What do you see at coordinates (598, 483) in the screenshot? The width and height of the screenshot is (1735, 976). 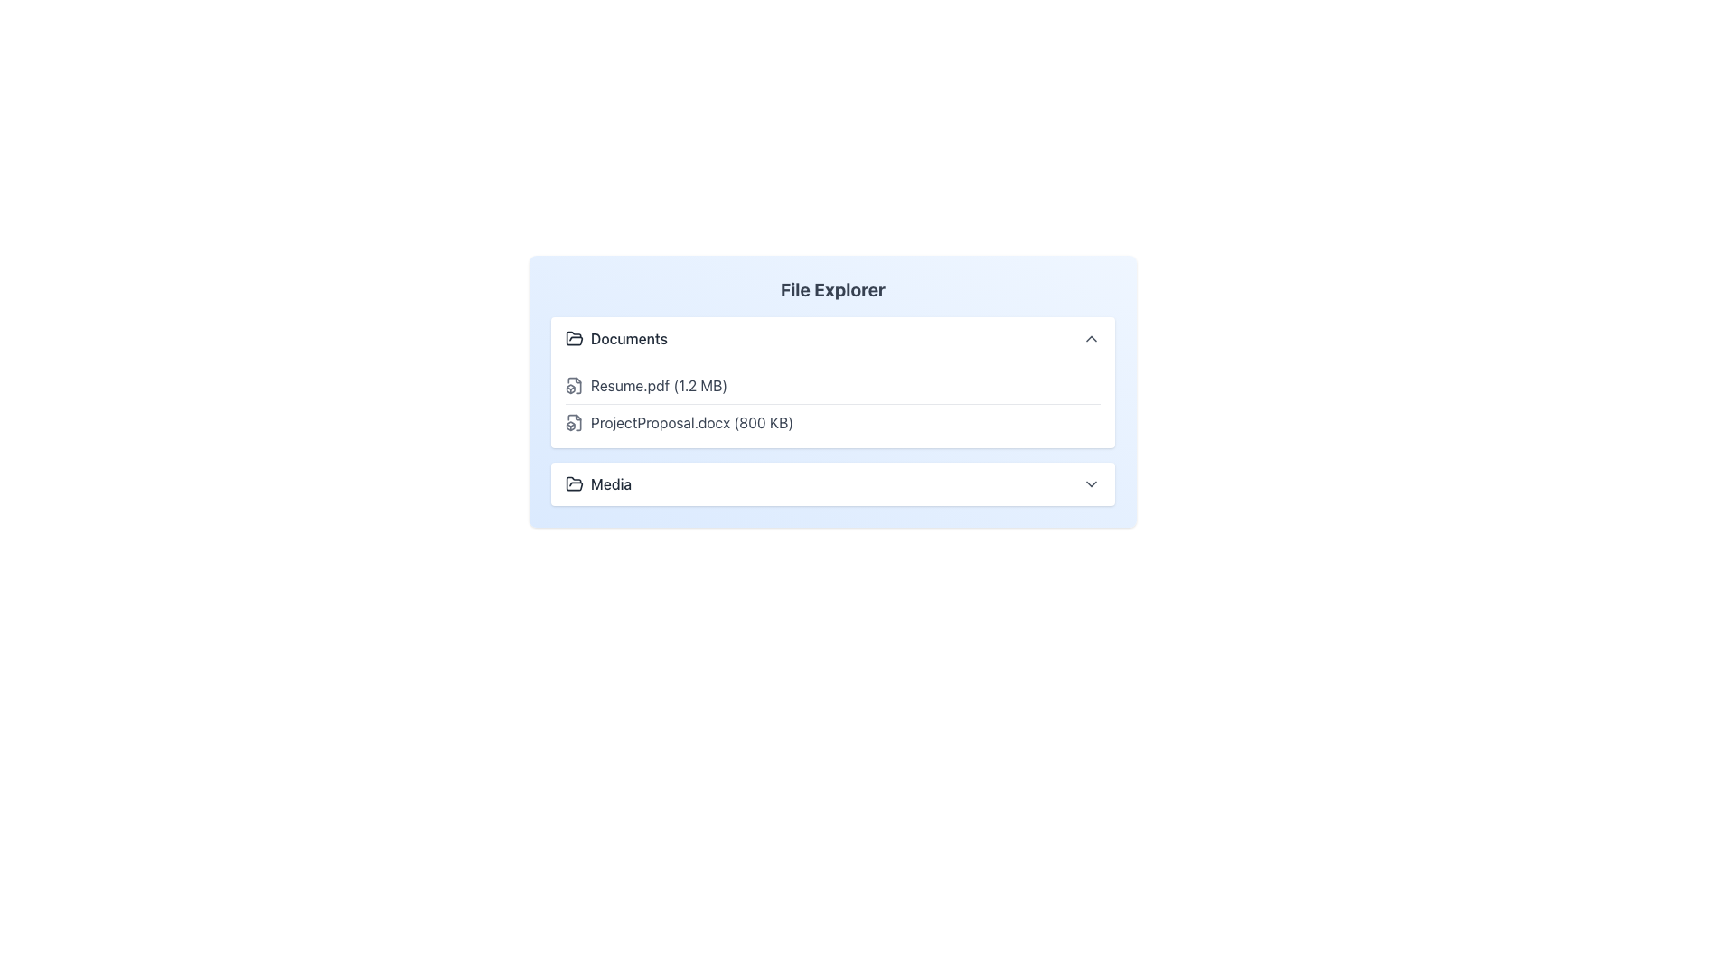 I see `the 'Media' folder in the file explorer` at bounding box center [598, 483].